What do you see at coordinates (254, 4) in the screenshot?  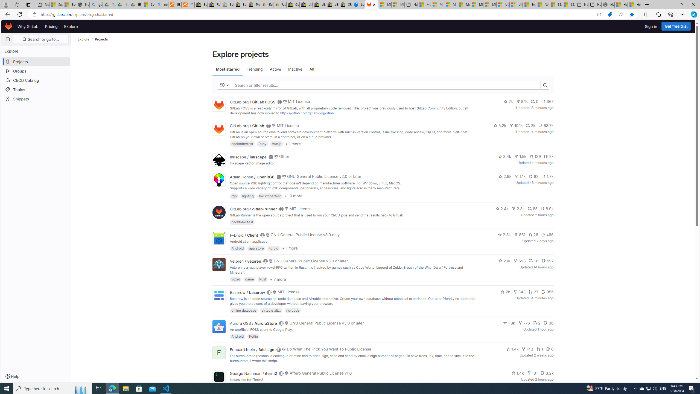 I see `'Press Room - eBay Inc.'` at bounding box center [254, 4].